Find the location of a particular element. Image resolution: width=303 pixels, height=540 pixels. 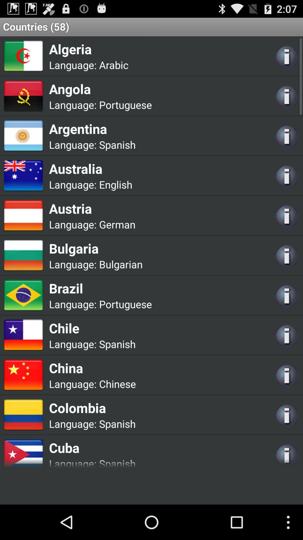

app above language:  item is located at coordinates (100, 89).